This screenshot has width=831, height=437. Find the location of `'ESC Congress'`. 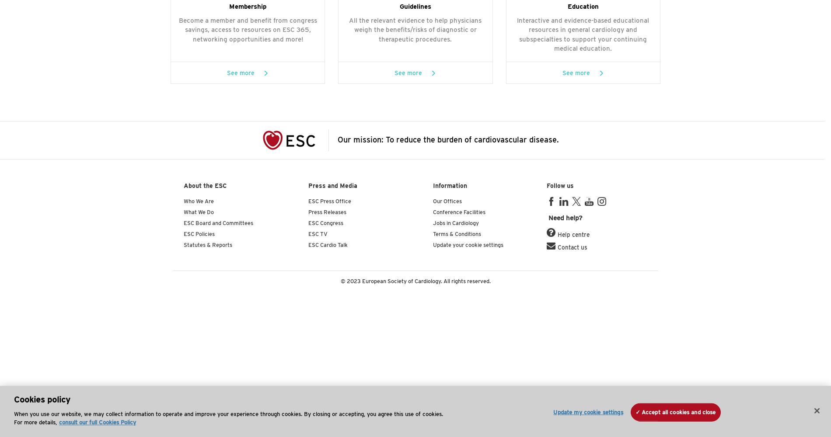

'ESC Congress' is located at coordinates (308, 223).